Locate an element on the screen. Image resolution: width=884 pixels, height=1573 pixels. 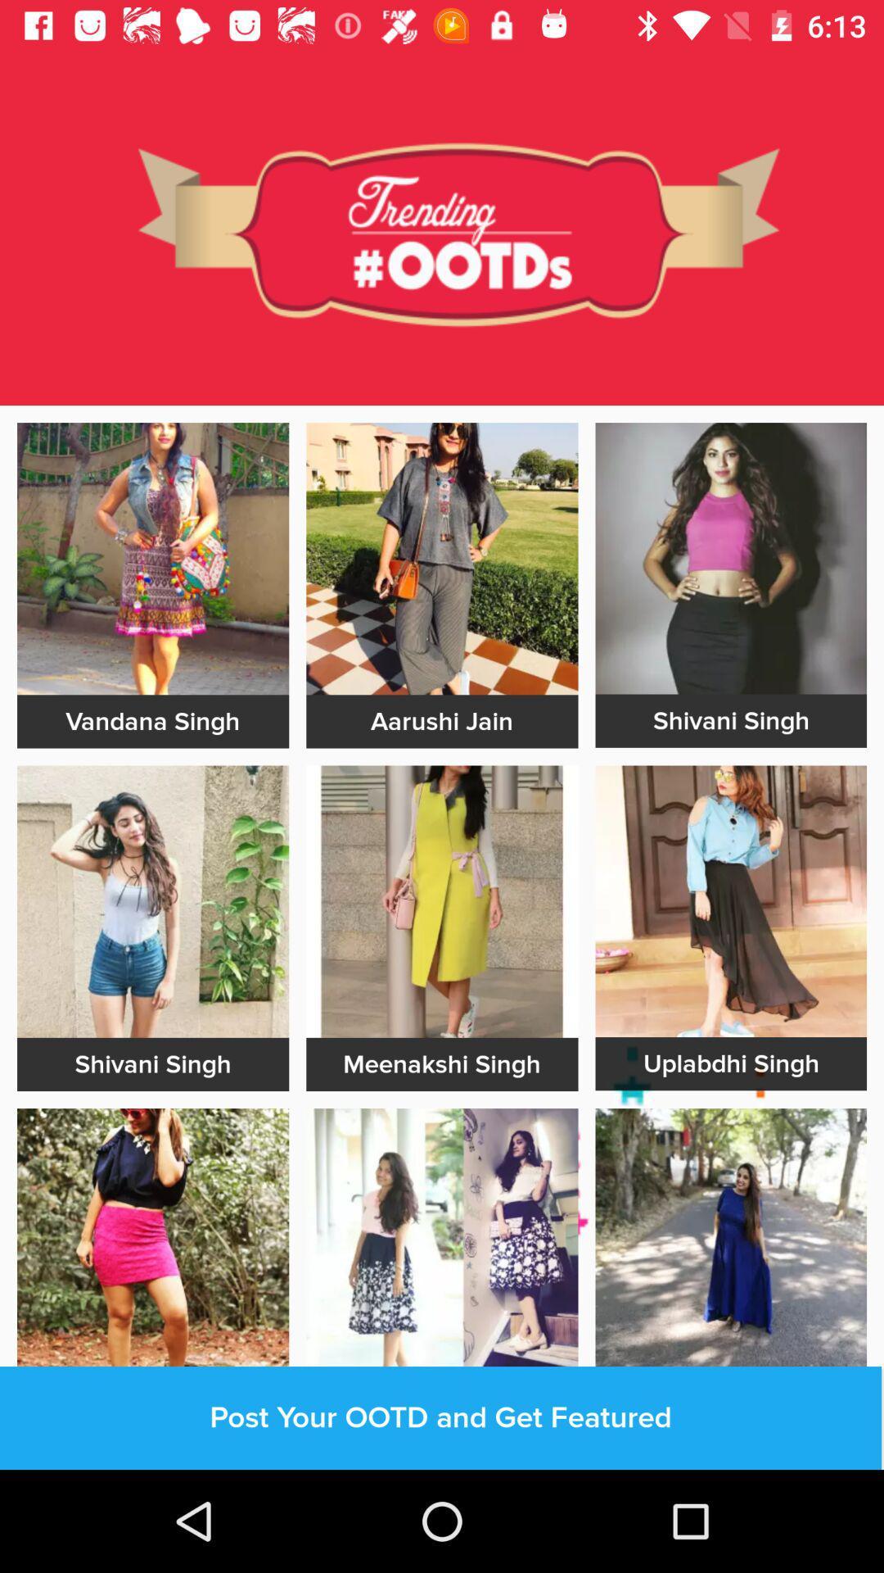
look profile is located at coordinates (442, 900).